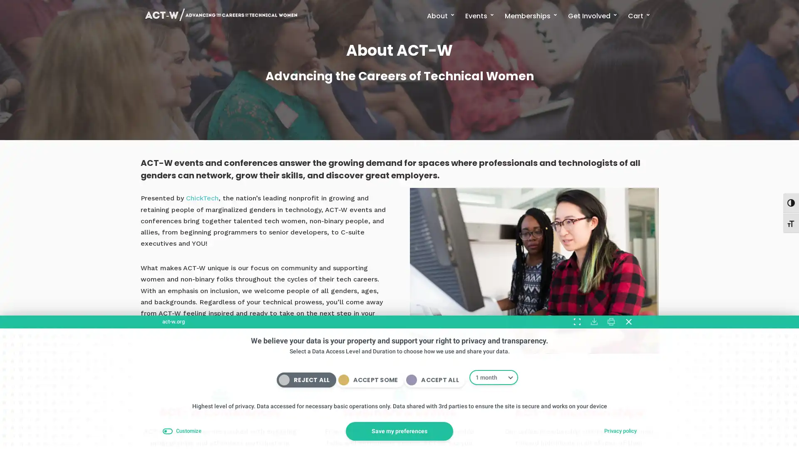  What do you see at coordinates (628, 321) in the screenshot?
I see `Close Compliance` at bounding box center [628, 321].